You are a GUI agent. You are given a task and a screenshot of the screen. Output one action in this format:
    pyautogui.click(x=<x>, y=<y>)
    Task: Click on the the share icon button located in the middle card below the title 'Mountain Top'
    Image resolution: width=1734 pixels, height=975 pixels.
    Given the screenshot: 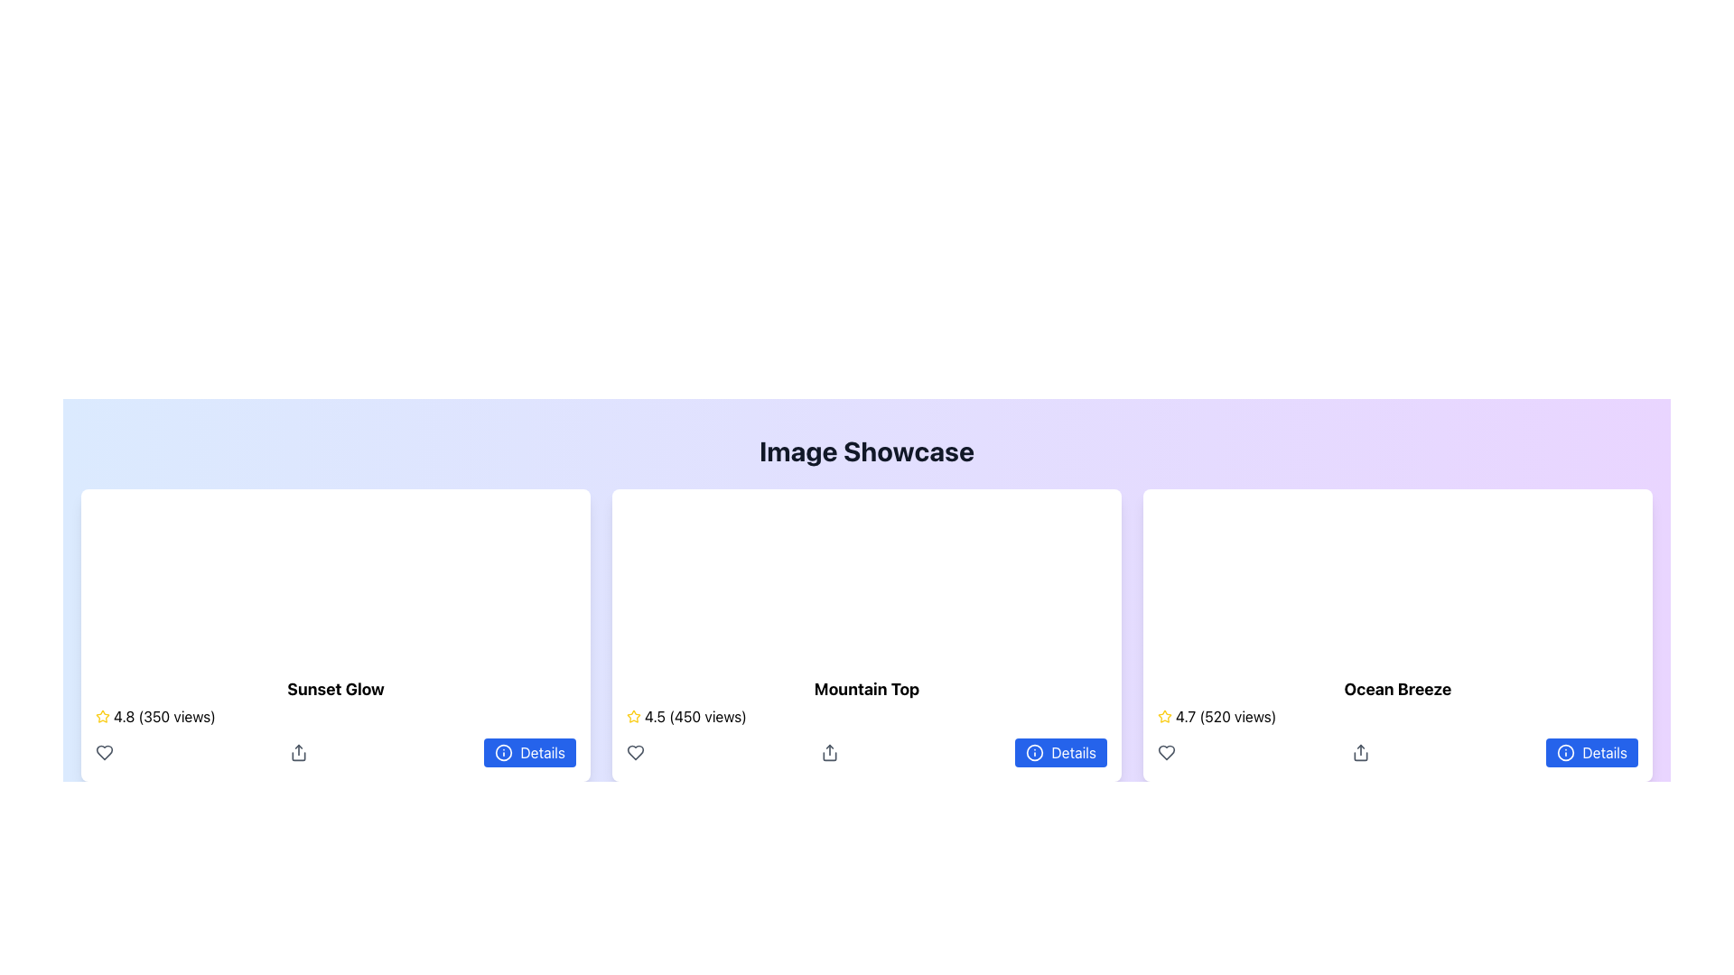 What is the action you would take?
    pyautogui.click(x=829, y=752)
    